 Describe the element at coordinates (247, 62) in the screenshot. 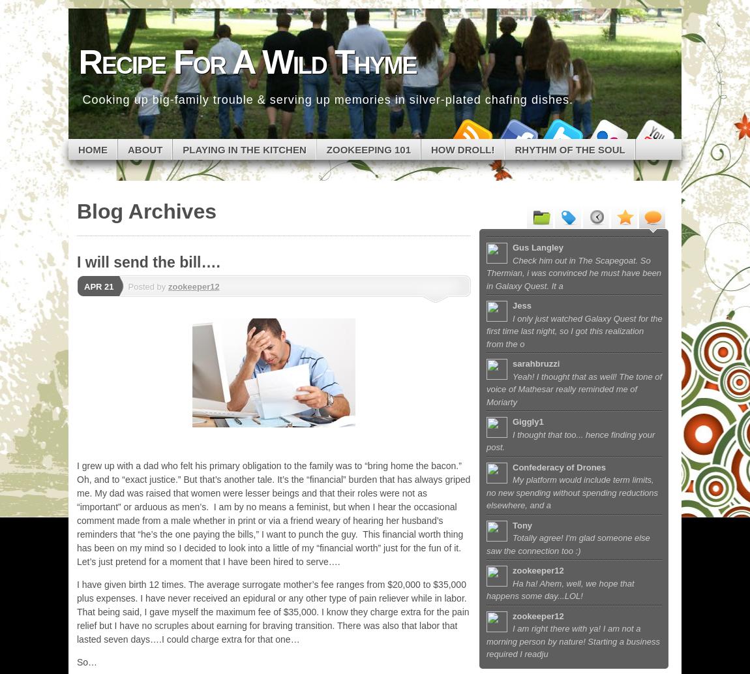

I see `'Recipe For A Wild Thyme'` at that location.